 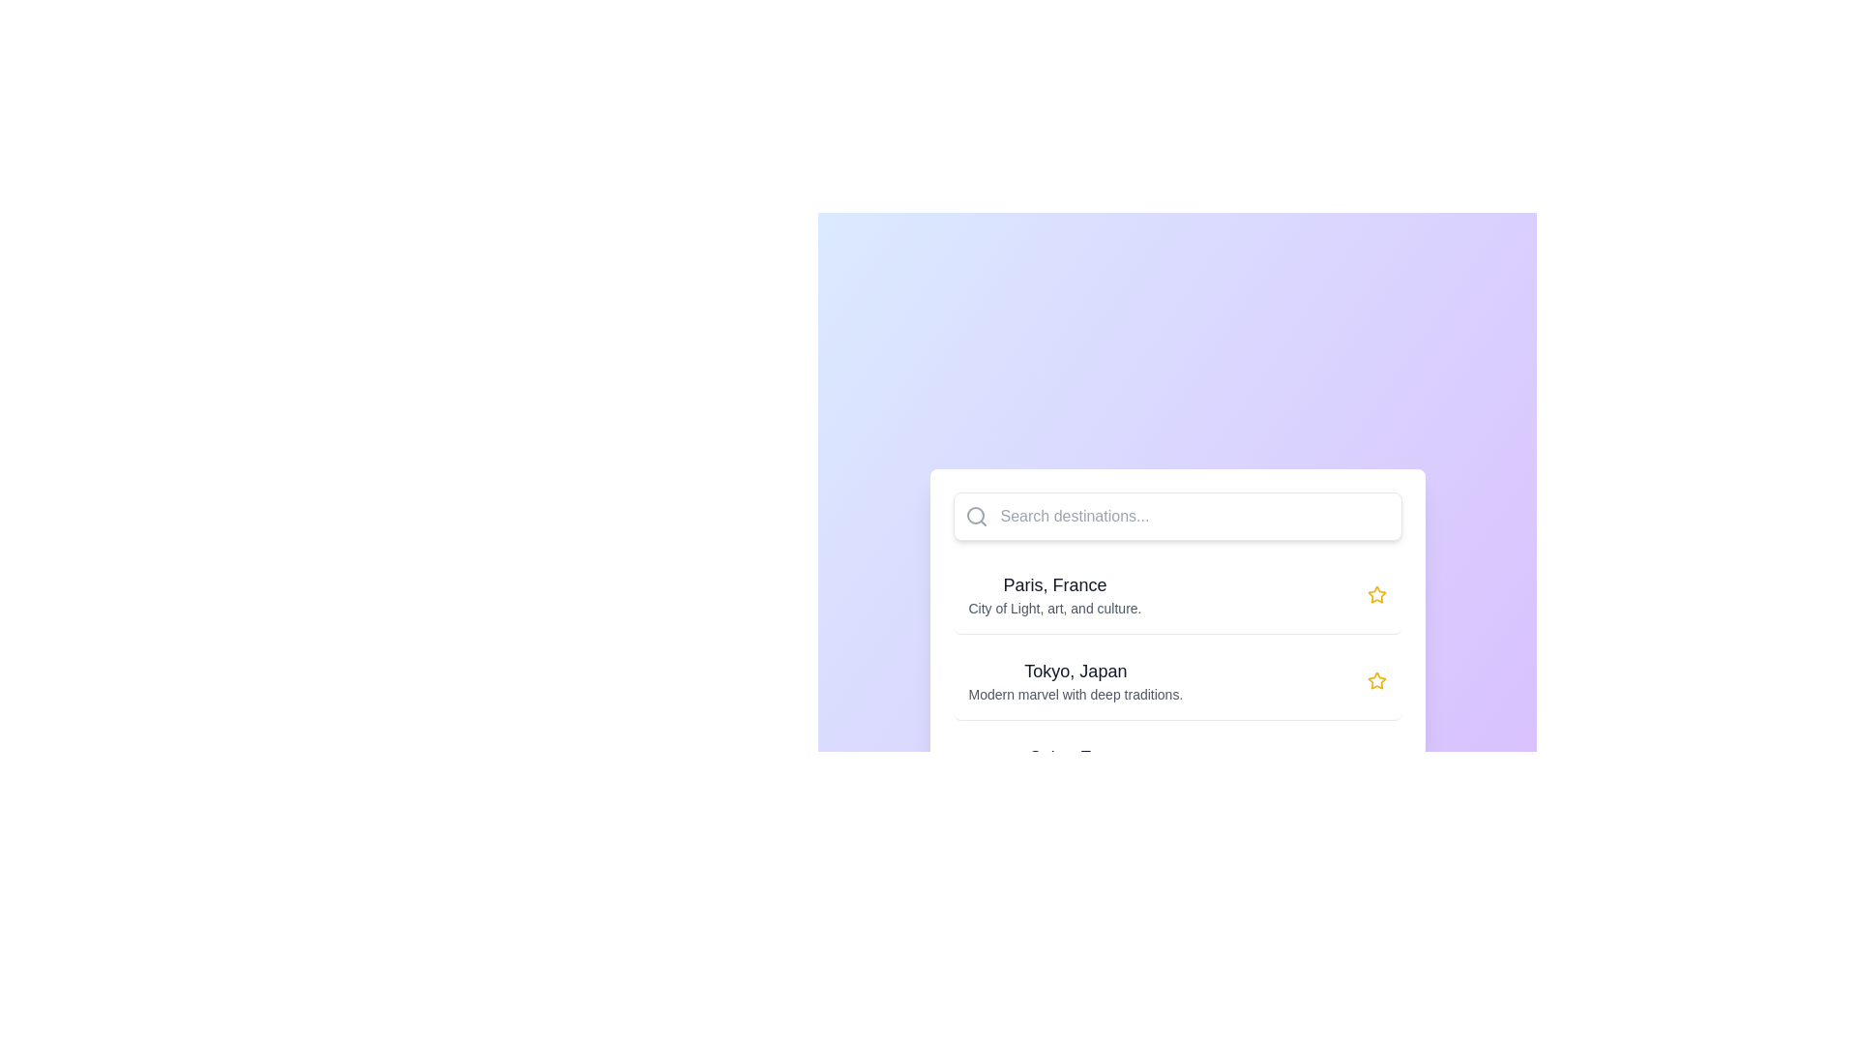 What do you see at coordinates (1176, 593) in the screenshot?
I see `the first list item representing the destination 'Paris, France'` at bounding box center [1176, 593].